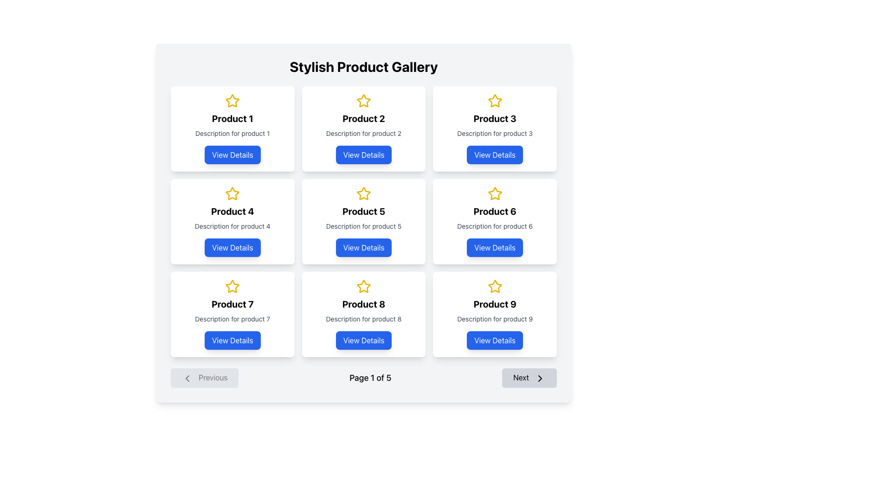 The width and height of the screenshot is (891, 501). I want to click on the yellow star-shaped icon with a white interior, located above the text 'Product 6', so click(494, 193).